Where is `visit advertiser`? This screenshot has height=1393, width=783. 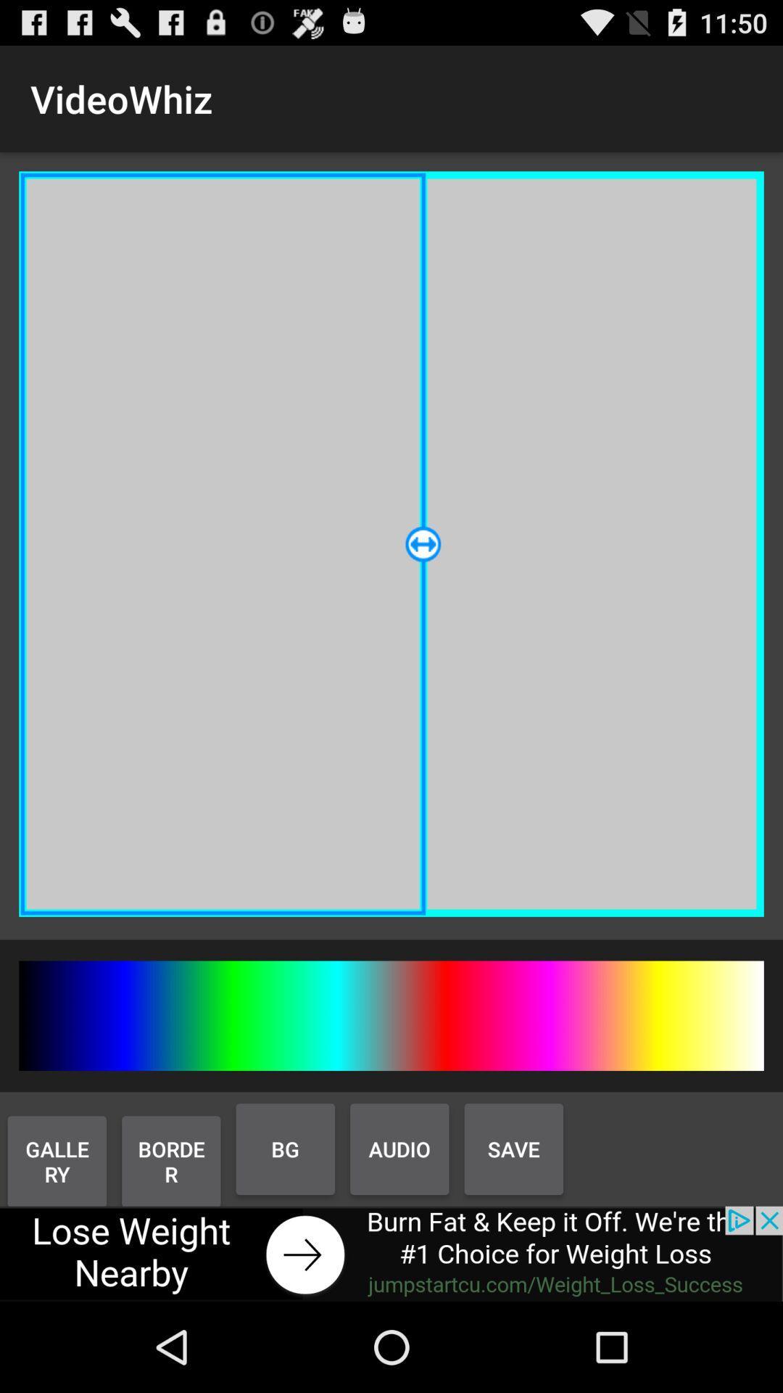
visit advertiser is located at coordinates (391, 1253).